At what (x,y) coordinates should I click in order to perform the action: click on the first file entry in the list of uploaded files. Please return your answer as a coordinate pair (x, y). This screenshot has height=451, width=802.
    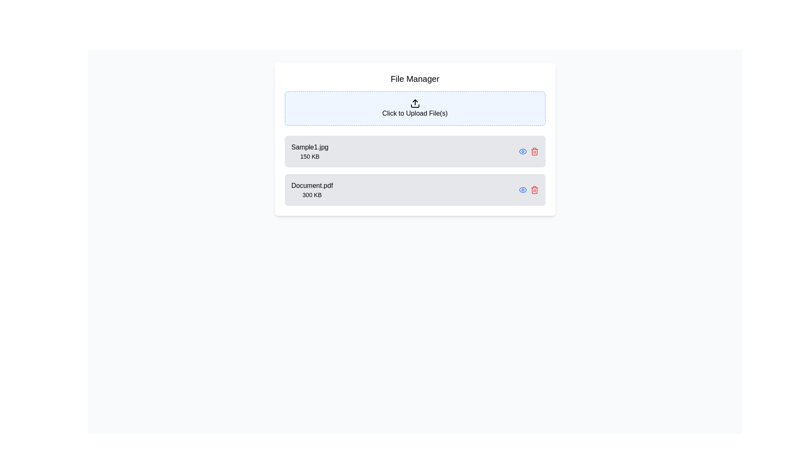
    Looking at the image, I should click on (415, 151).